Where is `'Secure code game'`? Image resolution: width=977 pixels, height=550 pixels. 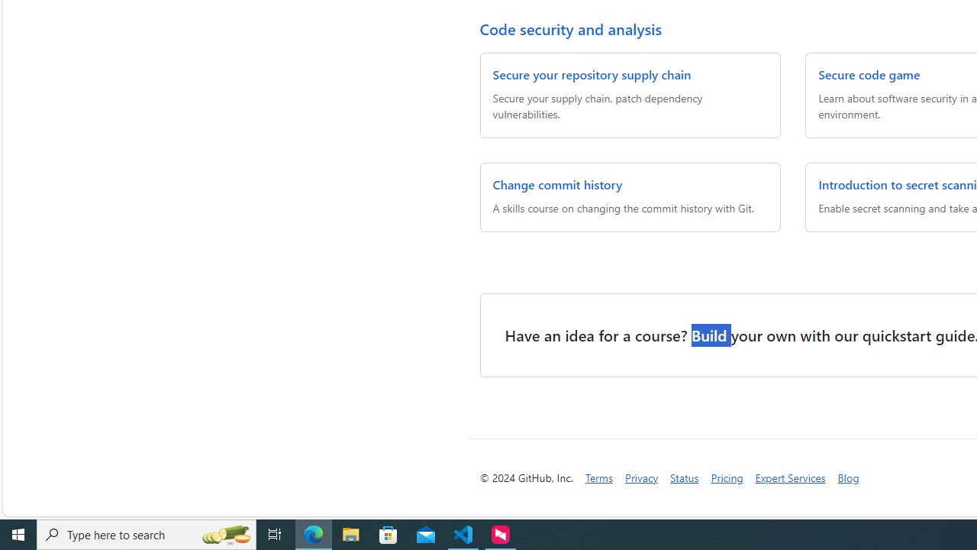
'Secure code game' is located at coordinates (869, 74).